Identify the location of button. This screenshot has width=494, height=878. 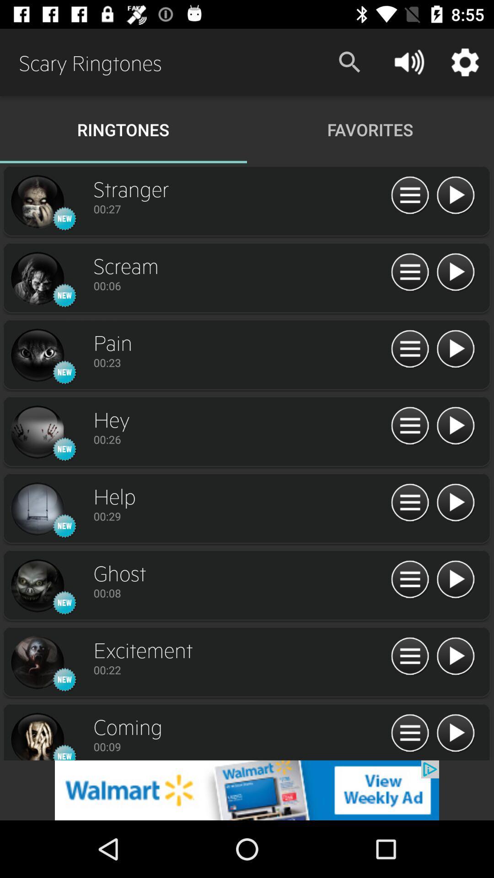
(455, 579).